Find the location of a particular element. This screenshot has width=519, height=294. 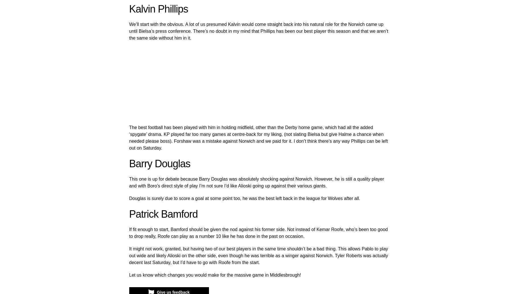

'Kalvin Phillips' is located at coordinates (158, 9).